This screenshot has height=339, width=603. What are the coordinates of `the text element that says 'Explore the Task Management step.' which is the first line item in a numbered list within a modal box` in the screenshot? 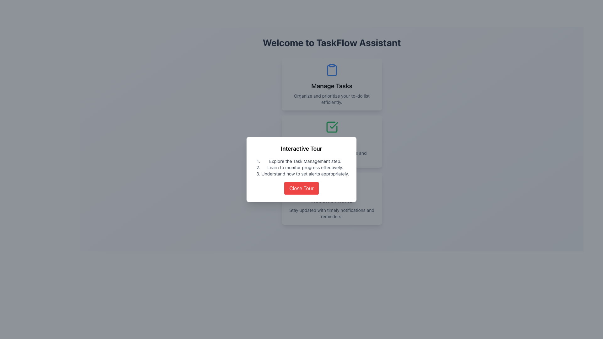 It's located at (305, 161).